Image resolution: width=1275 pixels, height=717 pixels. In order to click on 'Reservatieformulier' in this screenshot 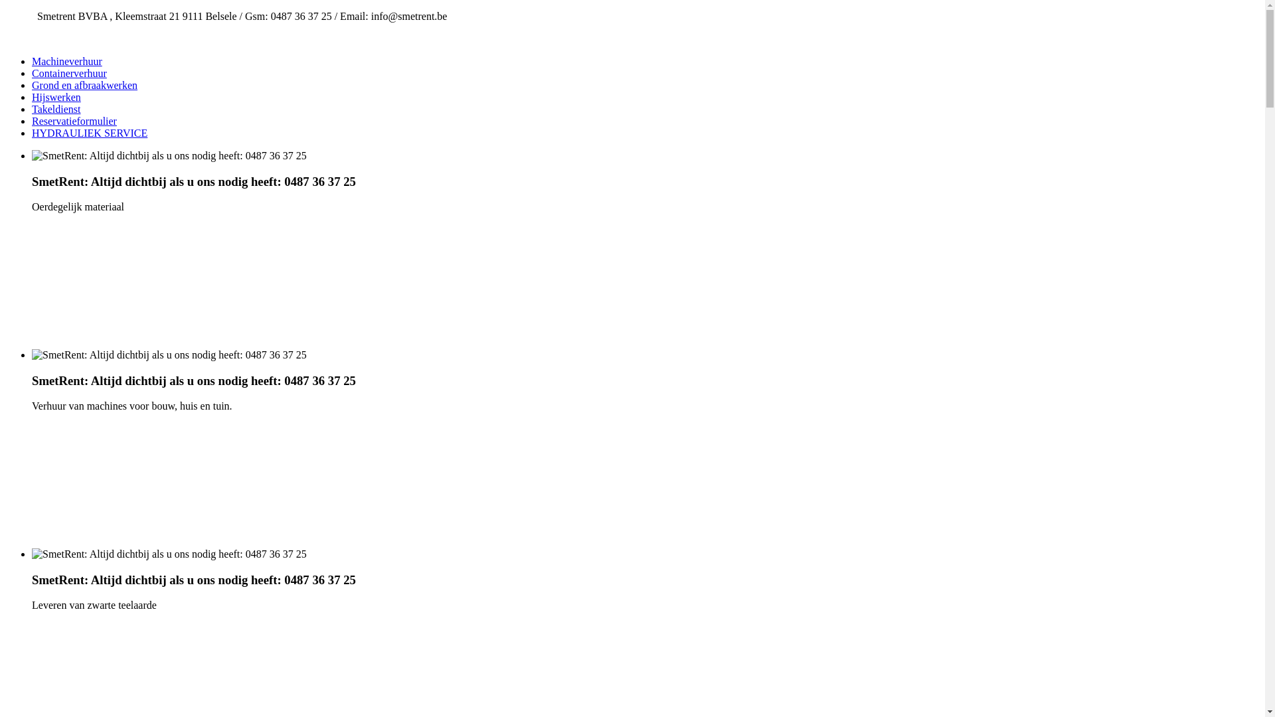, I will do `click(73, 121)`.